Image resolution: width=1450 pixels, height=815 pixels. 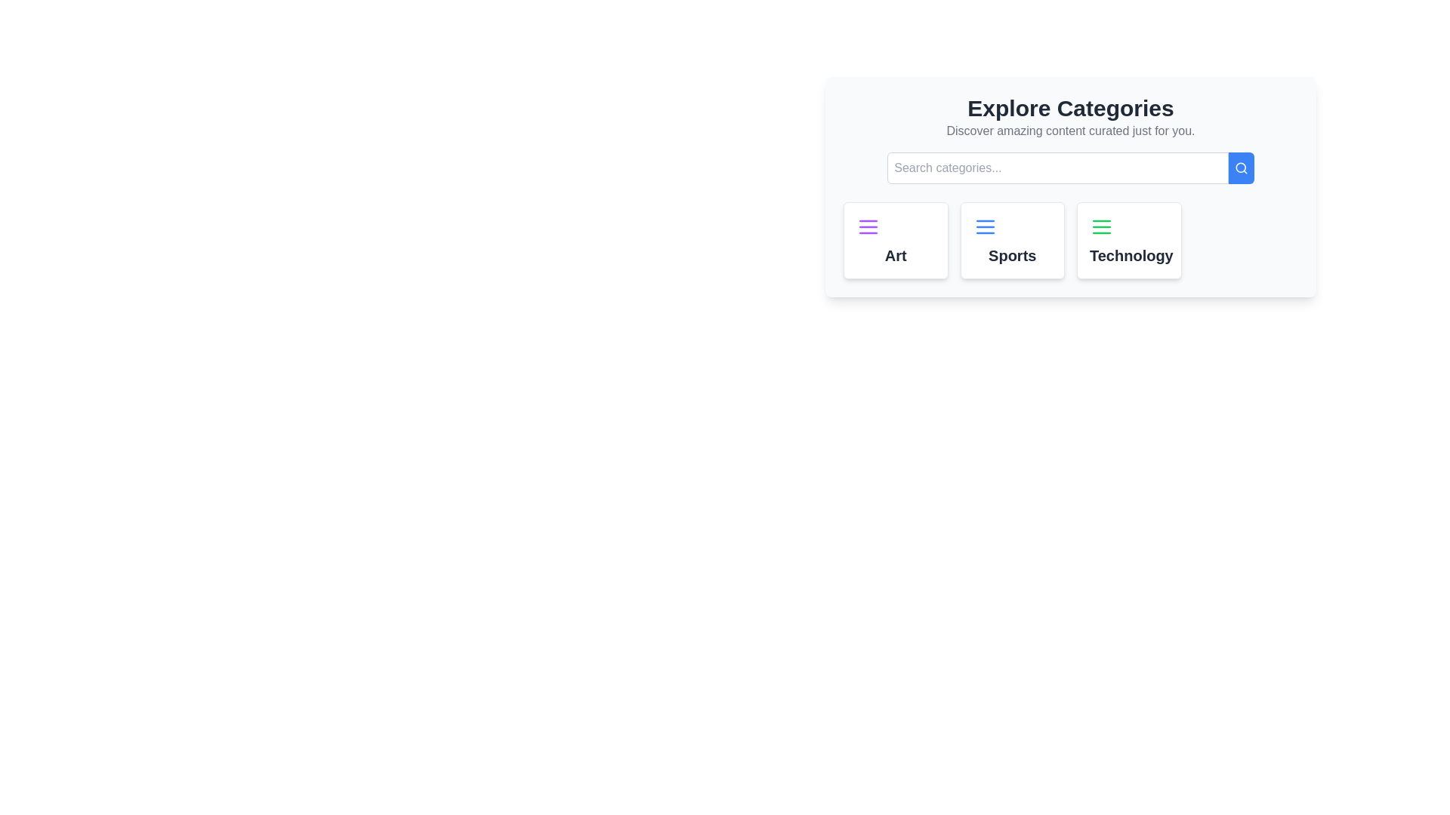 What do you see at coordinates (1069, 107) in the screenshot?
I see `main heading text label located at the top of the content section, which provides clarity about exploring various categories of content` at bounding box center [1069, 107].